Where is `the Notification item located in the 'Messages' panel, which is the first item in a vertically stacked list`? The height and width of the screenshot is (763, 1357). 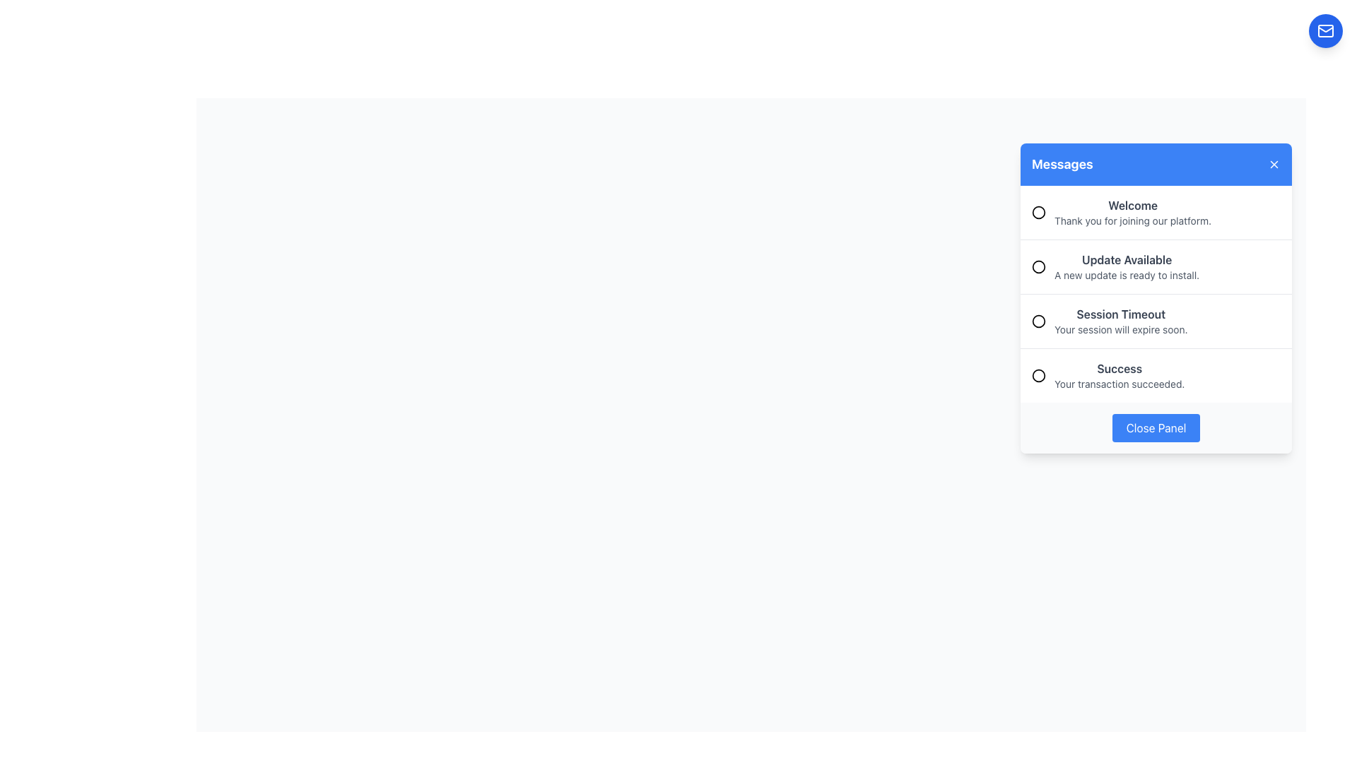 the Notification item located in the 'Messages' panel, which is the first item in a vertically stacked list is located at coordinates (1156, 212).